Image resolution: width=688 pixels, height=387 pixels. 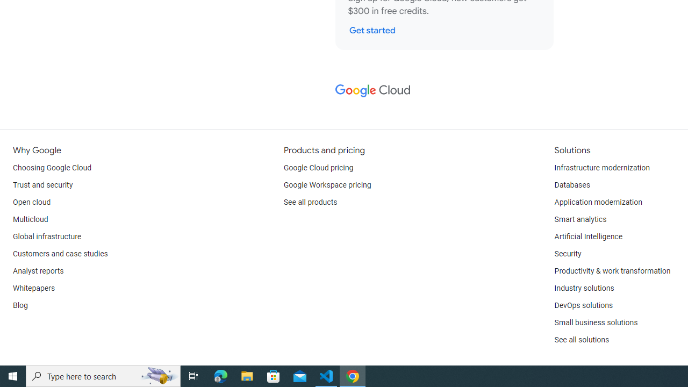 I want to click on 'Productivity & work transformation', so click(x=612, y=271).